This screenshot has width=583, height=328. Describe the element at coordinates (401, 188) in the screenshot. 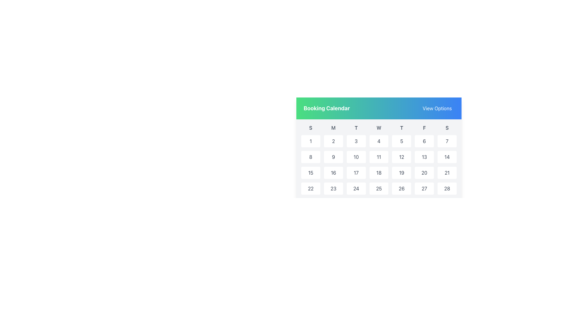

I see `the date cell displaying '26' in medium gray color, which is styled like a button and located in the sixth row and fifth column of the calendar grid layout` at that location.